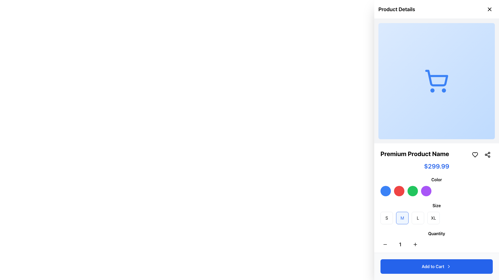 This screenshot has width=499, height=280. Describe the element at coordinates (415, 244) in the screenshot. I see `the increment button in the 'Quantity' section` at that location.